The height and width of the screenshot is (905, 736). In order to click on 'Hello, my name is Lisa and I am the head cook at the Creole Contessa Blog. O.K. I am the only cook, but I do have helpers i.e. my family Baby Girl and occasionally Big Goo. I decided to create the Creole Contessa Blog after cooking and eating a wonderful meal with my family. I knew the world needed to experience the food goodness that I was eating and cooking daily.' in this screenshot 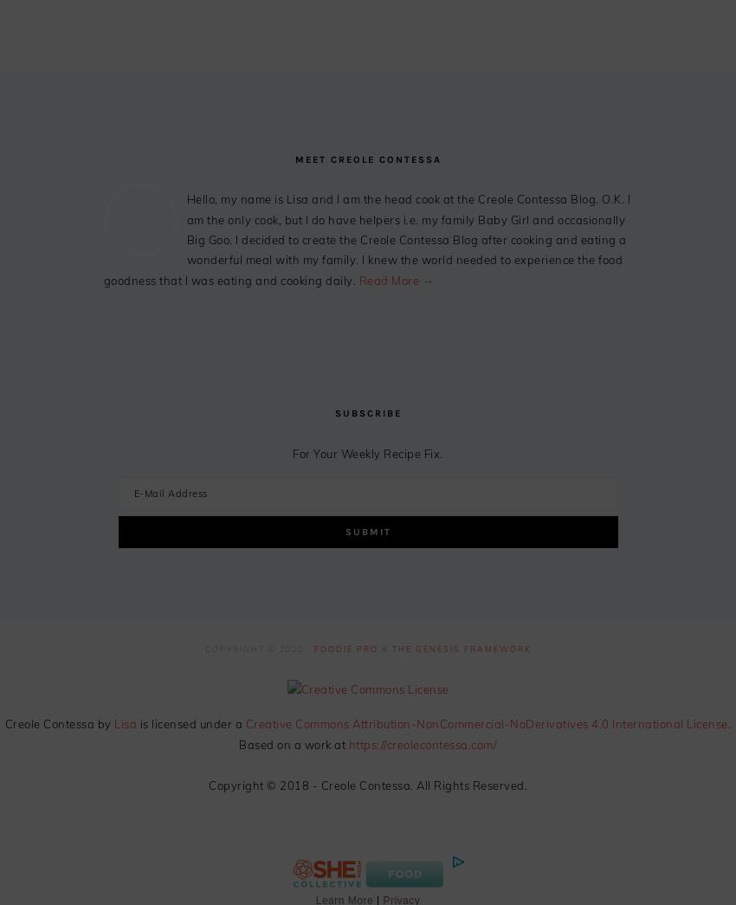, I will do `click(366, 238)`.